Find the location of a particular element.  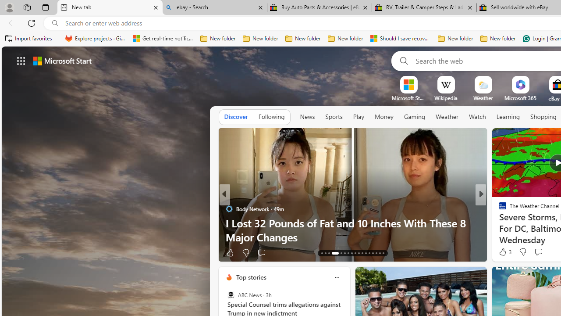

'Play' is located at coordinates (359, 117).